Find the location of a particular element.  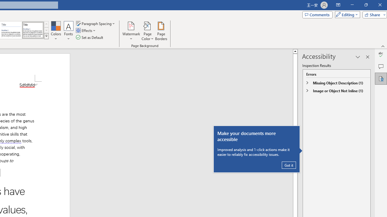

'Colors' is located at coordinates (56, 31).